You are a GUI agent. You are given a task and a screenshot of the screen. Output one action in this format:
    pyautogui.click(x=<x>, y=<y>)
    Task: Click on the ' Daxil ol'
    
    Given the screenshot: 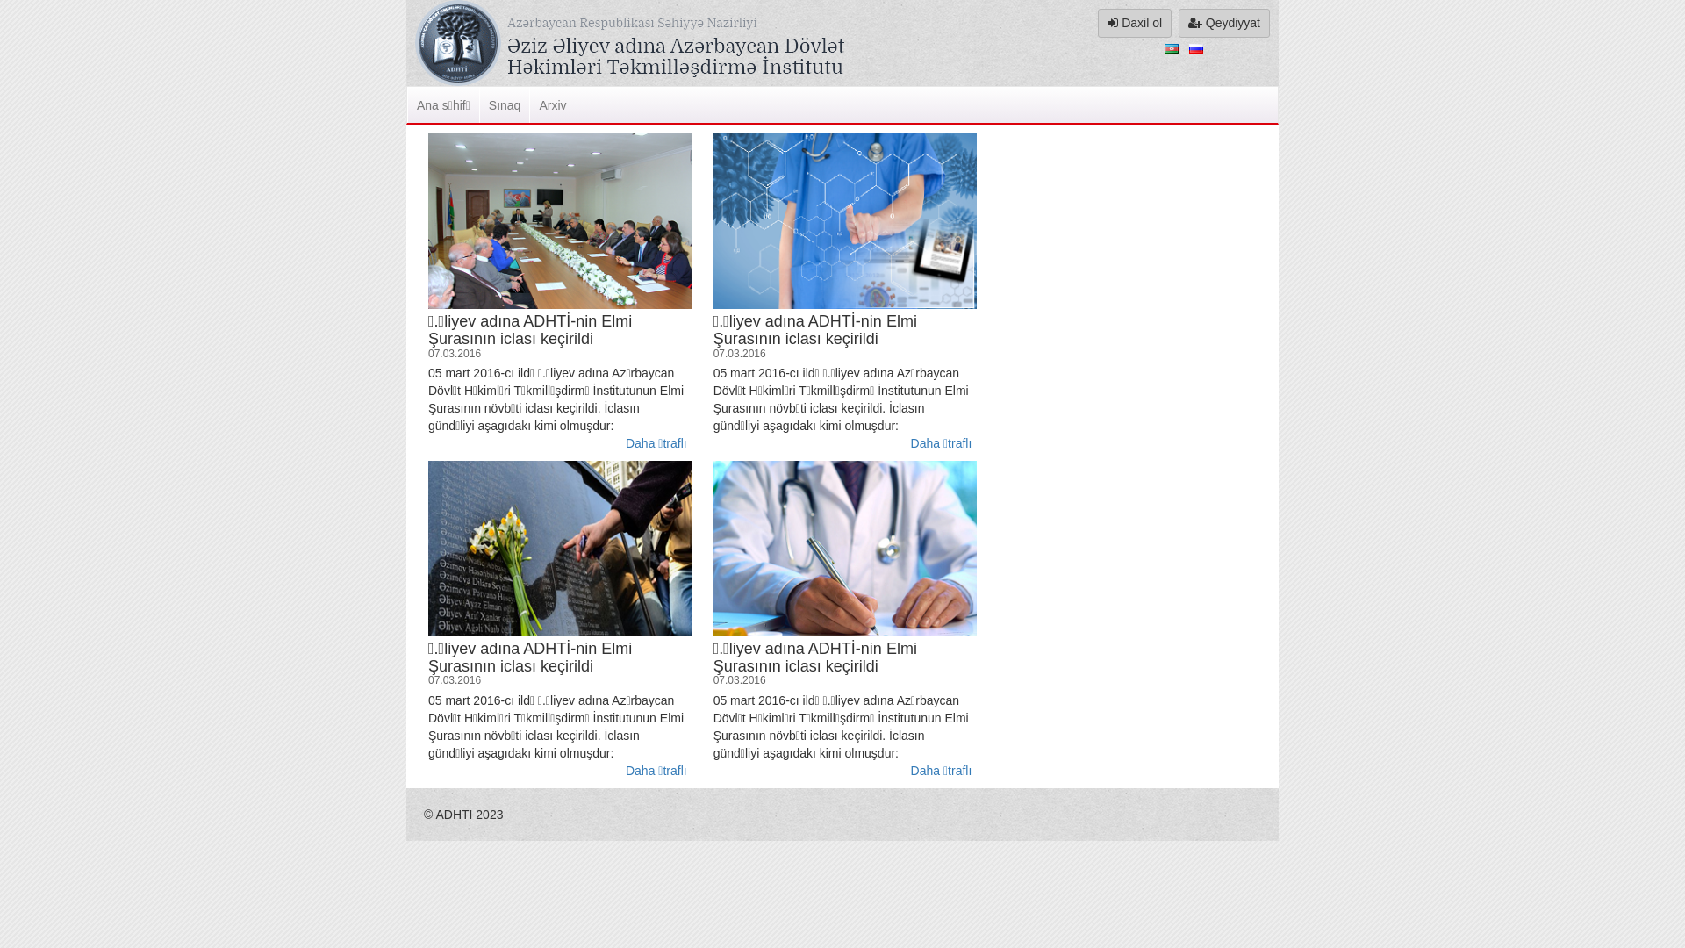 What is the action you would take?
    pyautogui.click(x=1097, y=23)
    